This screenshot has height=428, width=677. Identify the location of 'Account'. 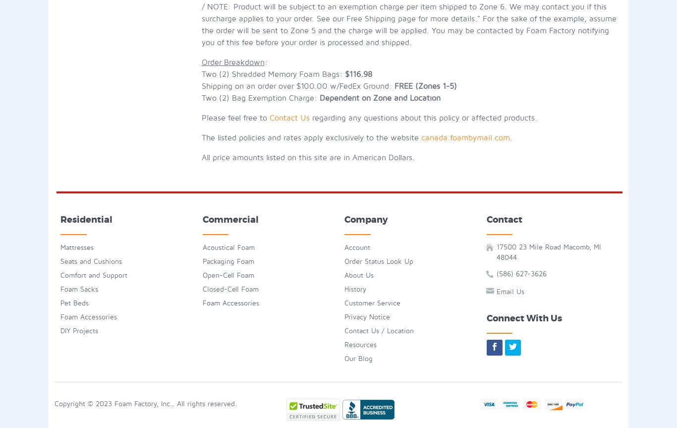
(344, 246).